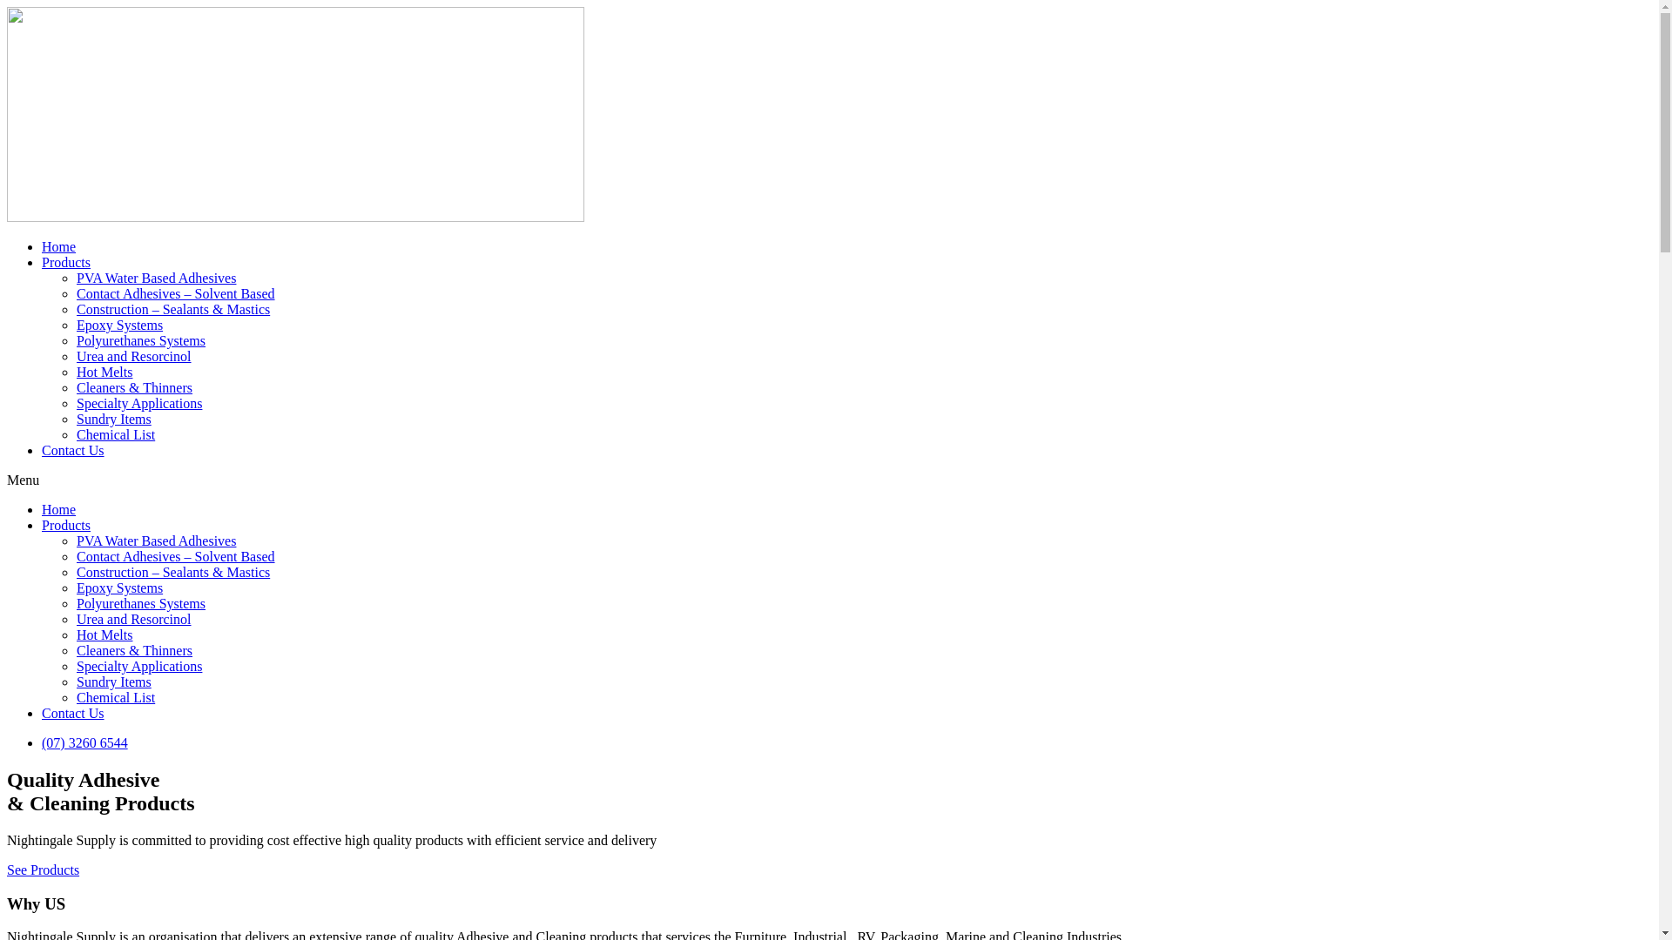 The width and height of the screenshot is (1672, 940). I want to click on 'Sundry Items', so click(112, 419).